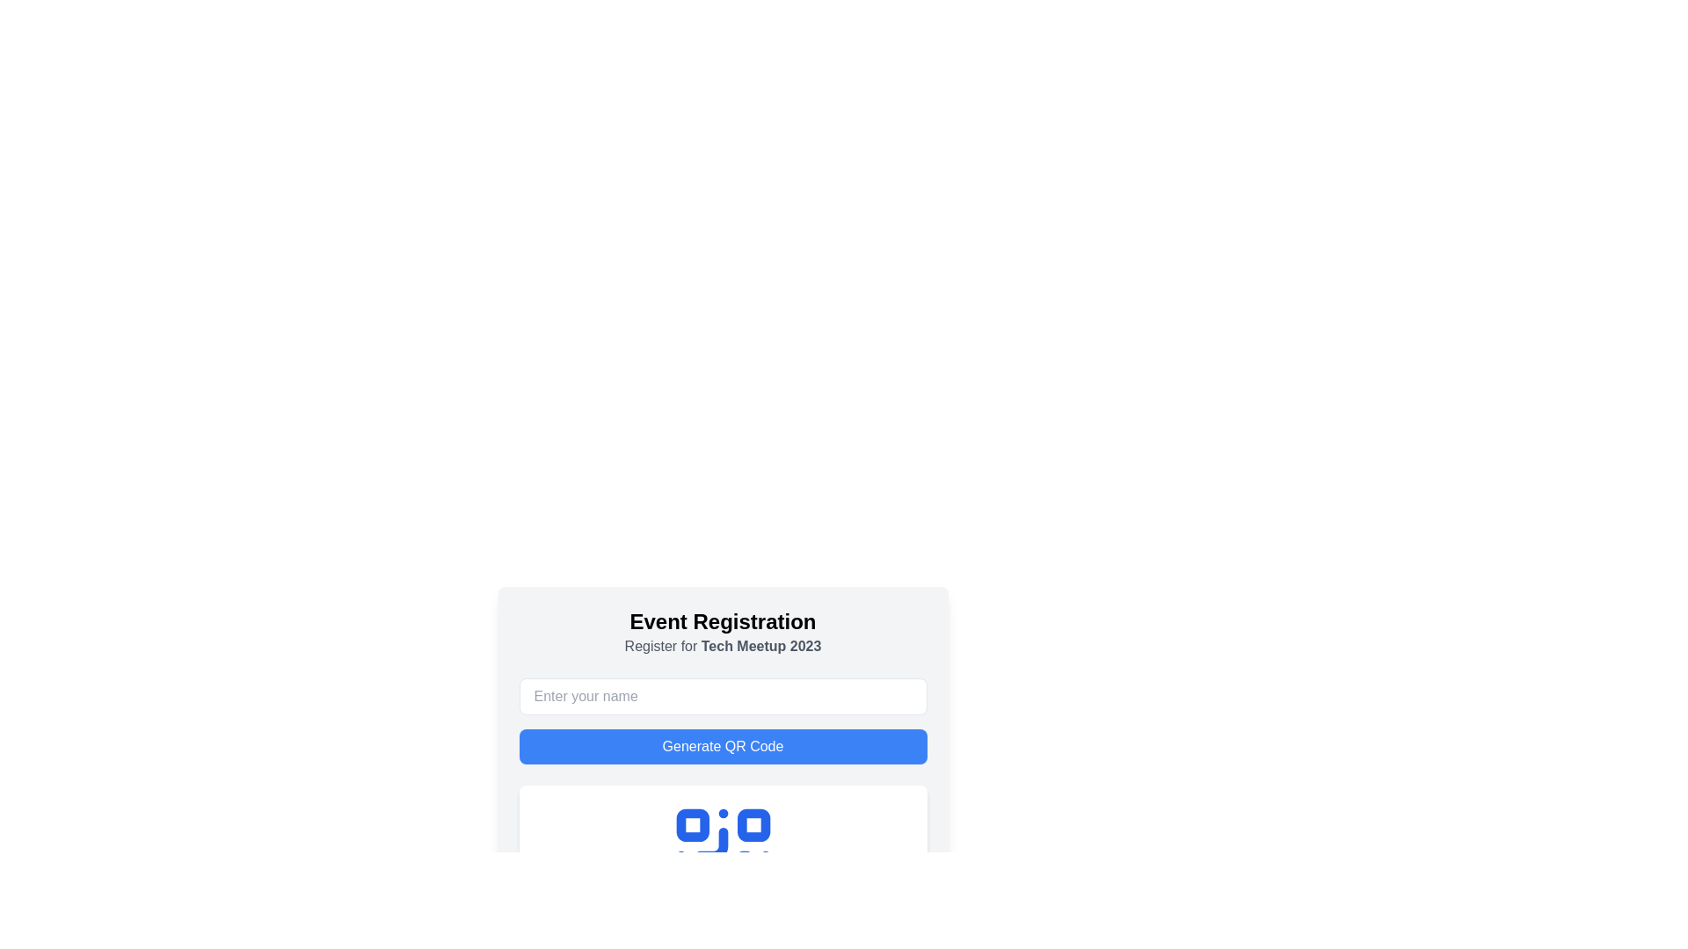 Image resolution: width=1688 pixels, height=949 pixels. Describe the element at coordinates (723, 721) in the screenshot. I see `the blue button labeled 'Generate QR Code' which is located below the 'Enter your name' input field and above the QR code image section` at that location.